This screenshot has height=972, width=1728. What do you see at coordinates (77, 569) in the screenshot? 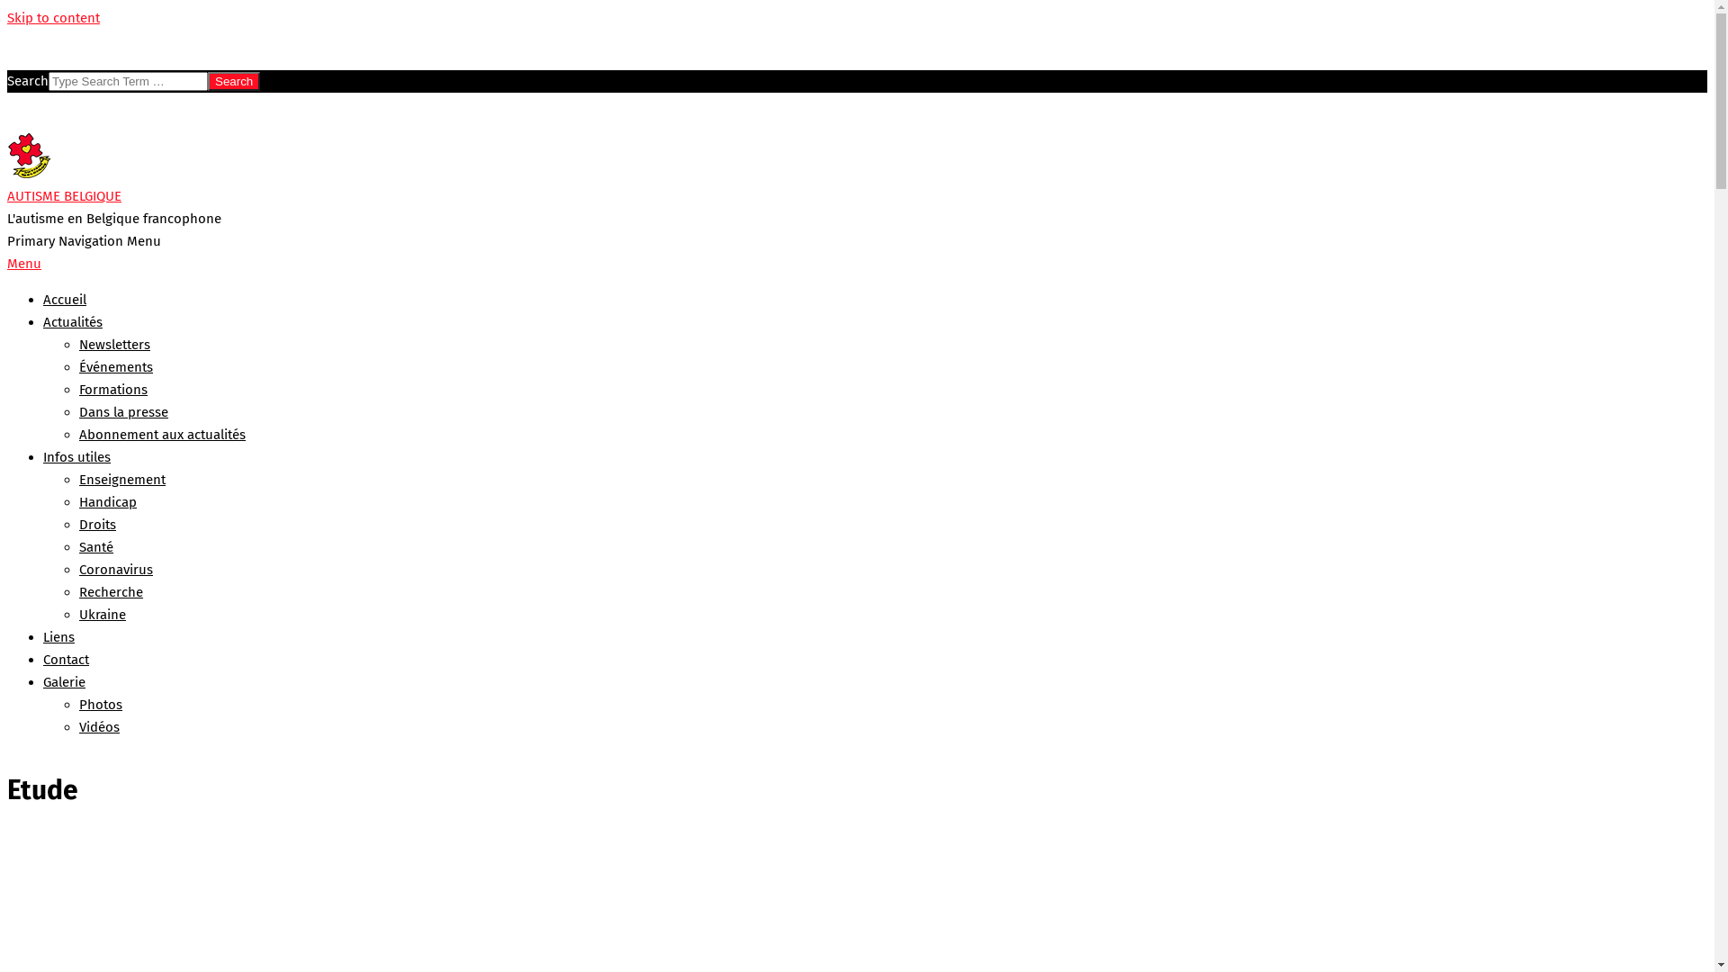
I see `'Coronavirus'` at bounding box center [77, 569].